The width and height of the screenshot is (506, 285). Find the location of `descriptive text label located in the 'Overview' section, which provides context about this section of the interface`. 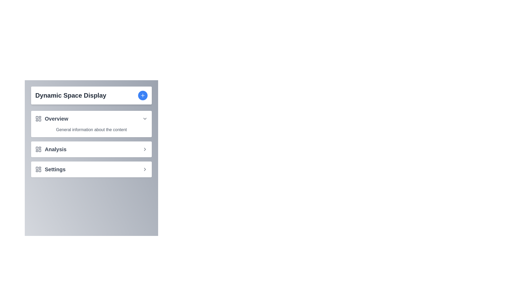

descriptive text label located in the 'Overview' section, which provides context about this section of the interface is located at coordinates (91, 130).